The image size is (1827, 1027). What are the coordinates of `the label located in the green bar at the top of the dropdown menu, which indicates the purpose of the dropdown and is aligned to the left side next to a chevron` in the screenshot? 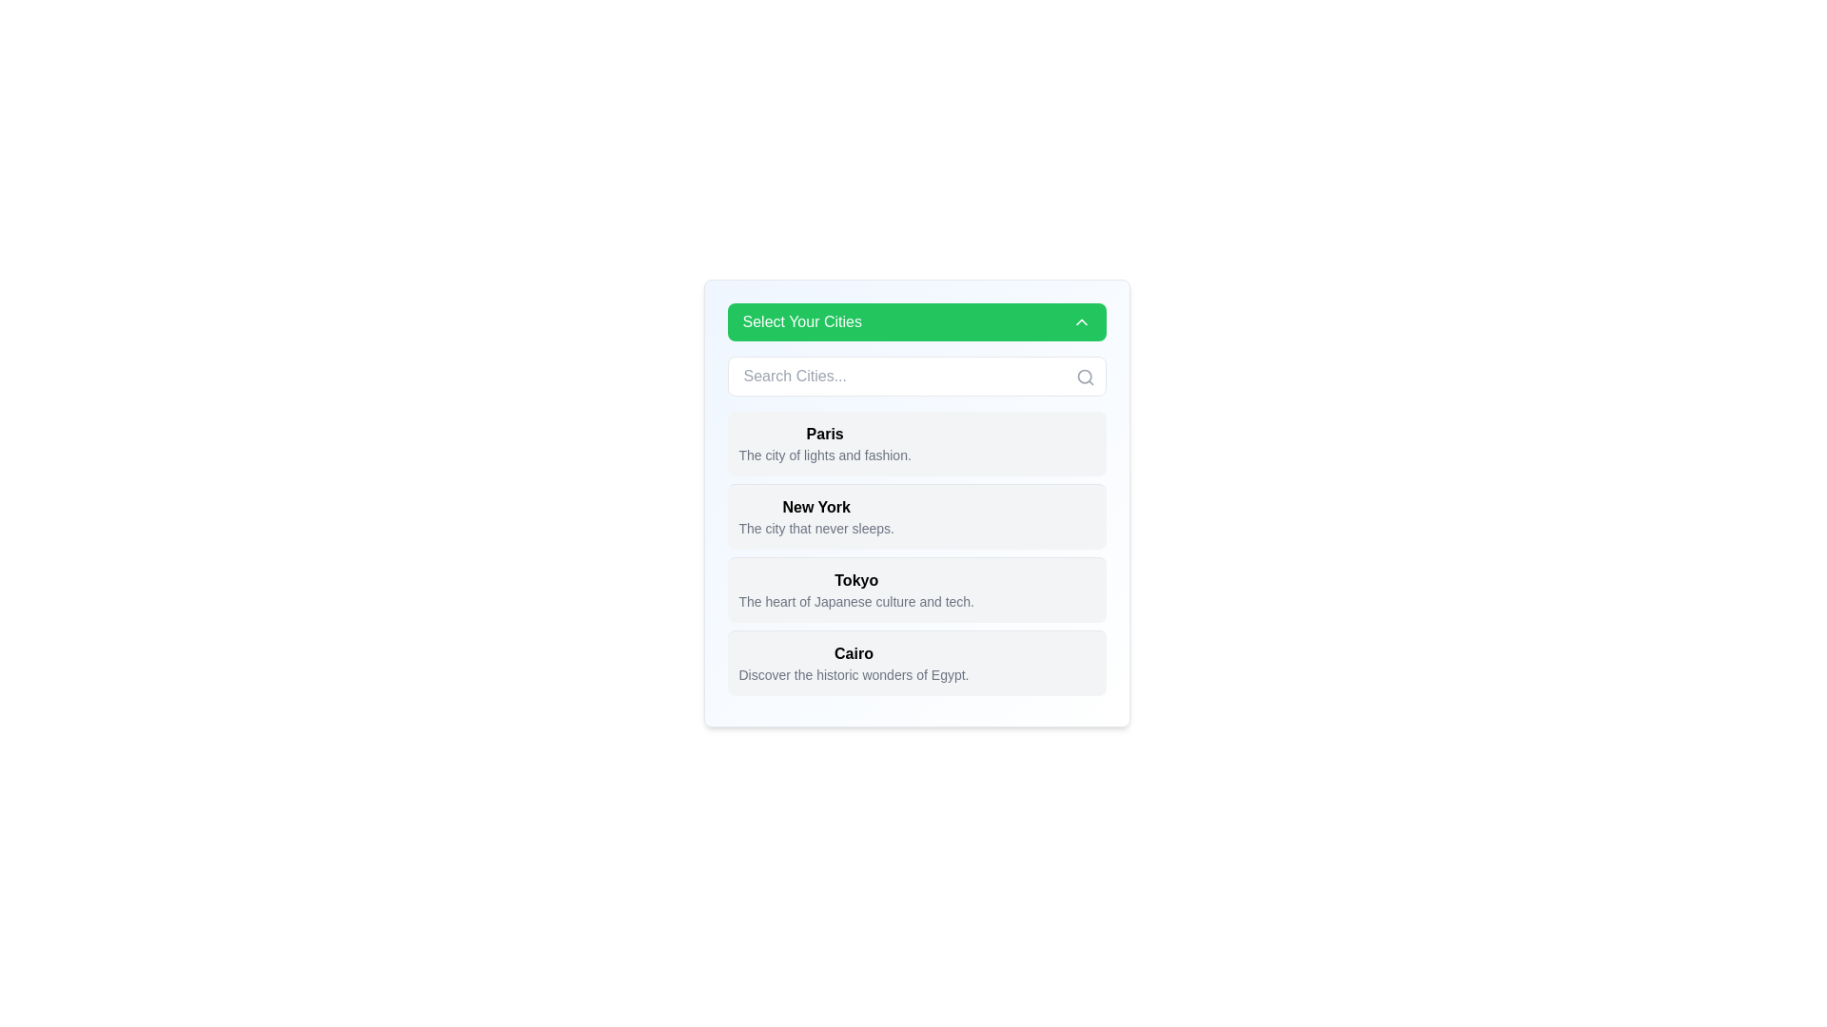 It's located at (802, 321).